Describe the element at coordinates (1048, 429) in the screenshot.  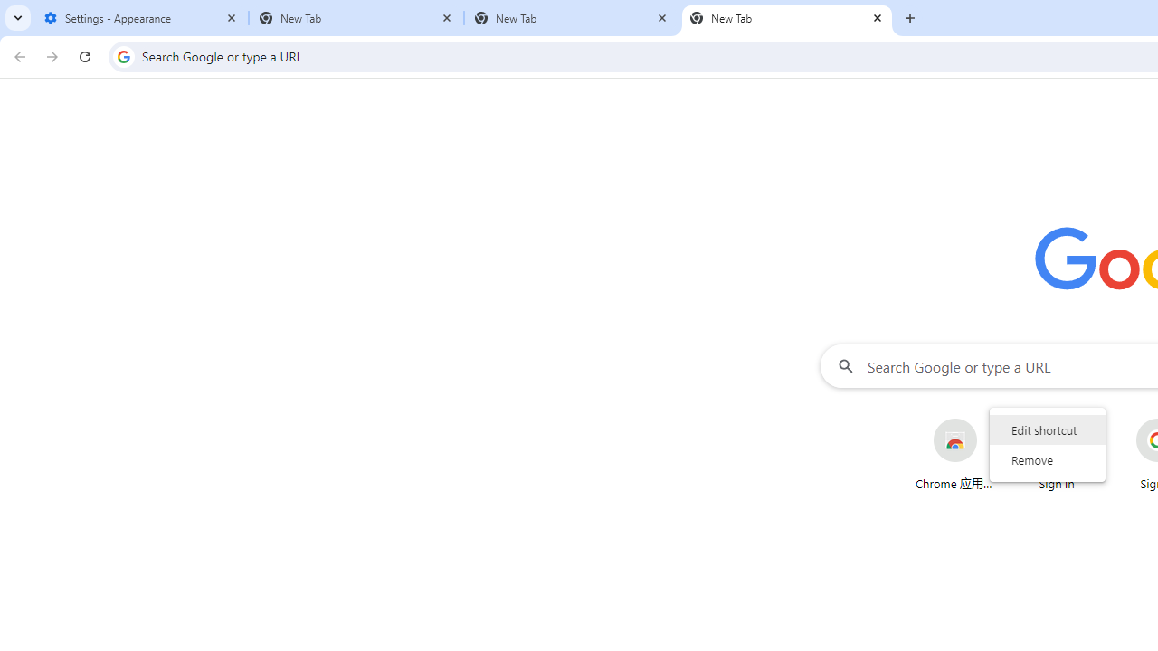
I see `'Edit shortcut'` at that location.